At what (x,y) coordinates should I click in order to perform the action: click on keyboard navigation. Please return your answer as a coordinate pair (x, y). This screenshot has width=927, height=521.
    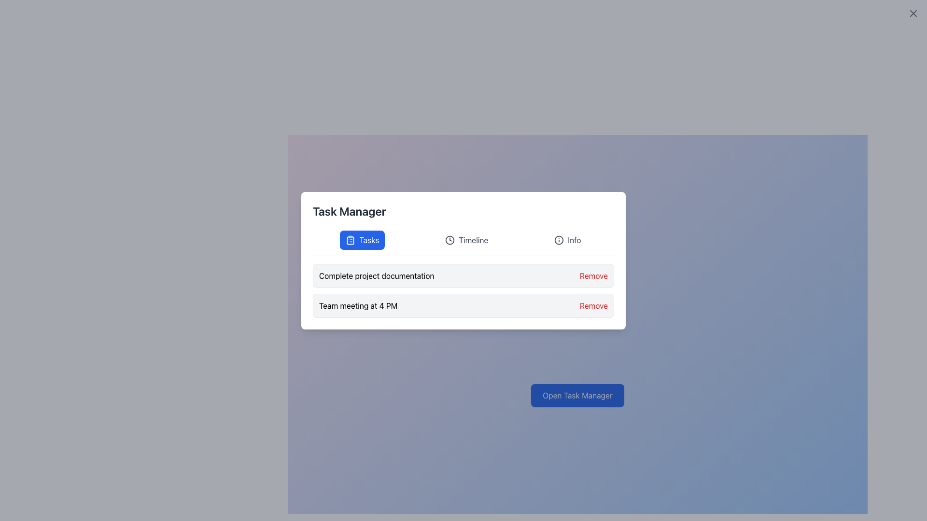
    Looking at the image, I should click on (574, 239).